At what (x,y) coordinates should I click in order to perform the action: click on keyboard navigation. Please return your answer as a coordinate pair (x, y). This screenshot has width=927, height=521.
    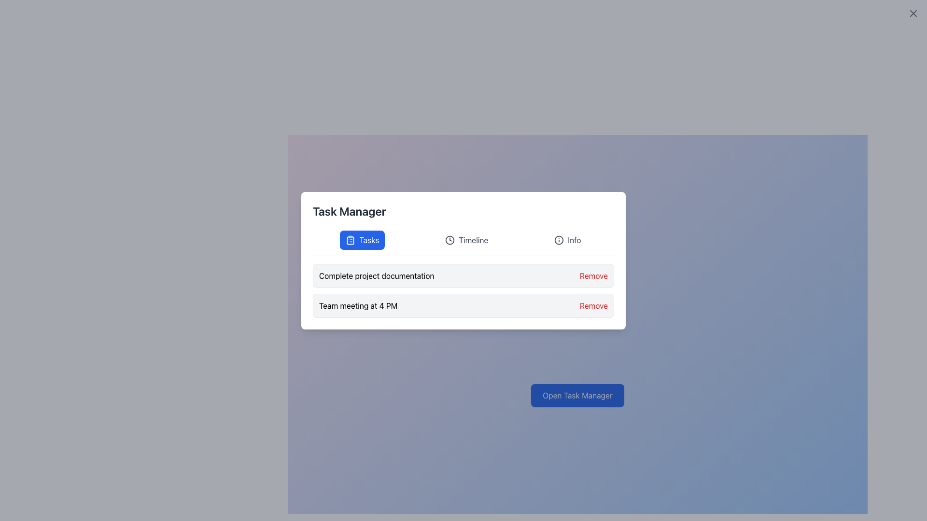
    Looking at the image, I should click on (574, 239).